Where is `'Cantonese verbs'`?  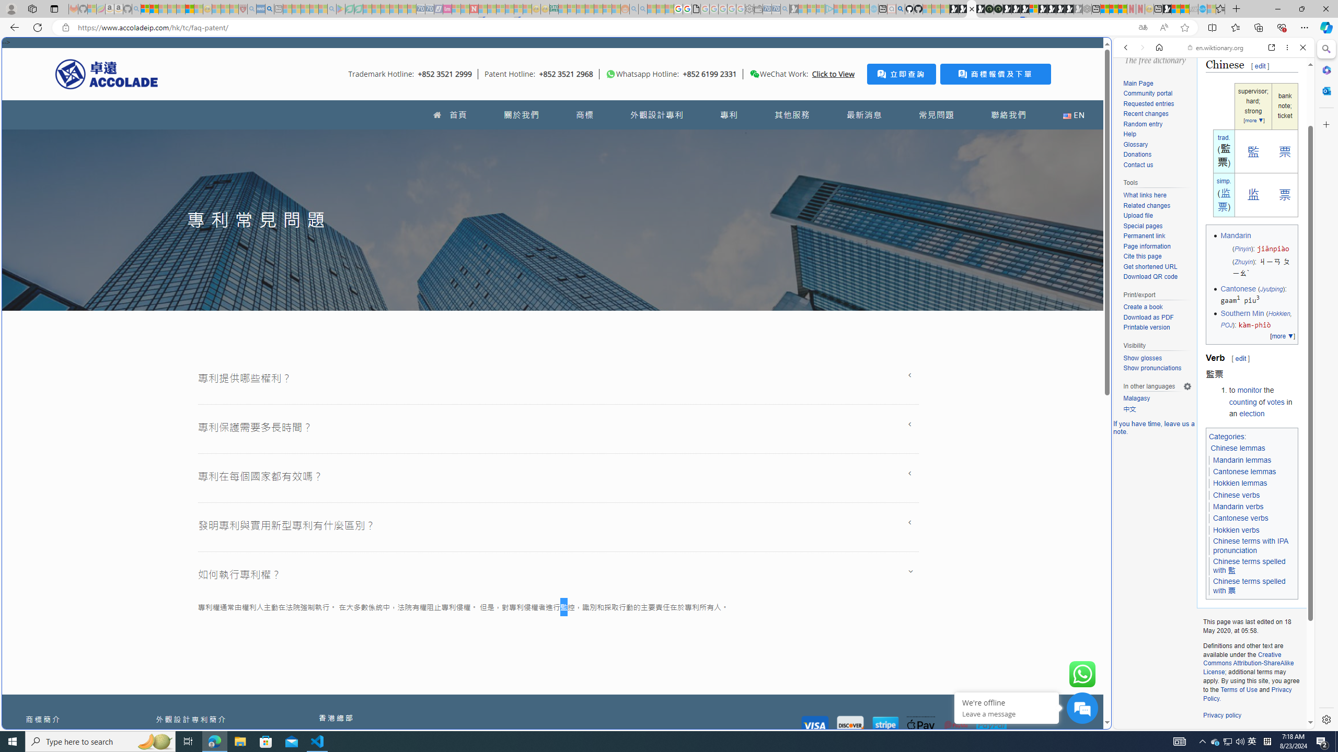
'Cantonese verbs' is located at coordinates (1240, 518).